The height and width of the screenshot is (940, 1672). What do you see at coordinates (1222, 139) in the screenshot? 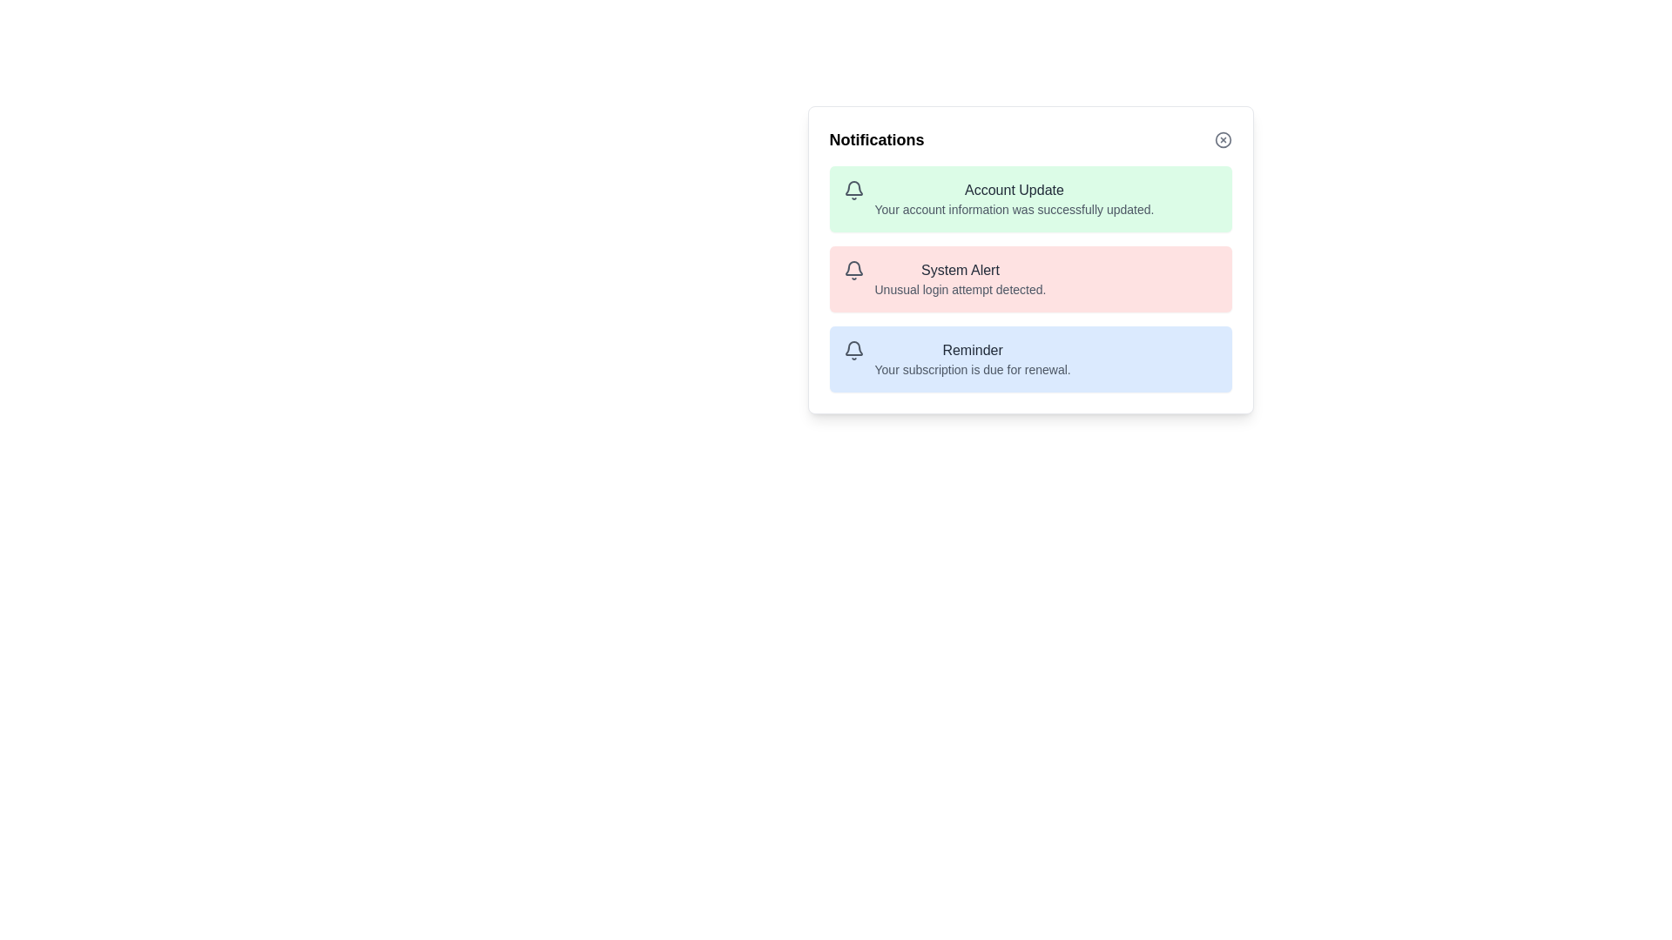
I see `the small circular SVG element located at the top-right corner of the notification card` at bounding box center [1222, 139].